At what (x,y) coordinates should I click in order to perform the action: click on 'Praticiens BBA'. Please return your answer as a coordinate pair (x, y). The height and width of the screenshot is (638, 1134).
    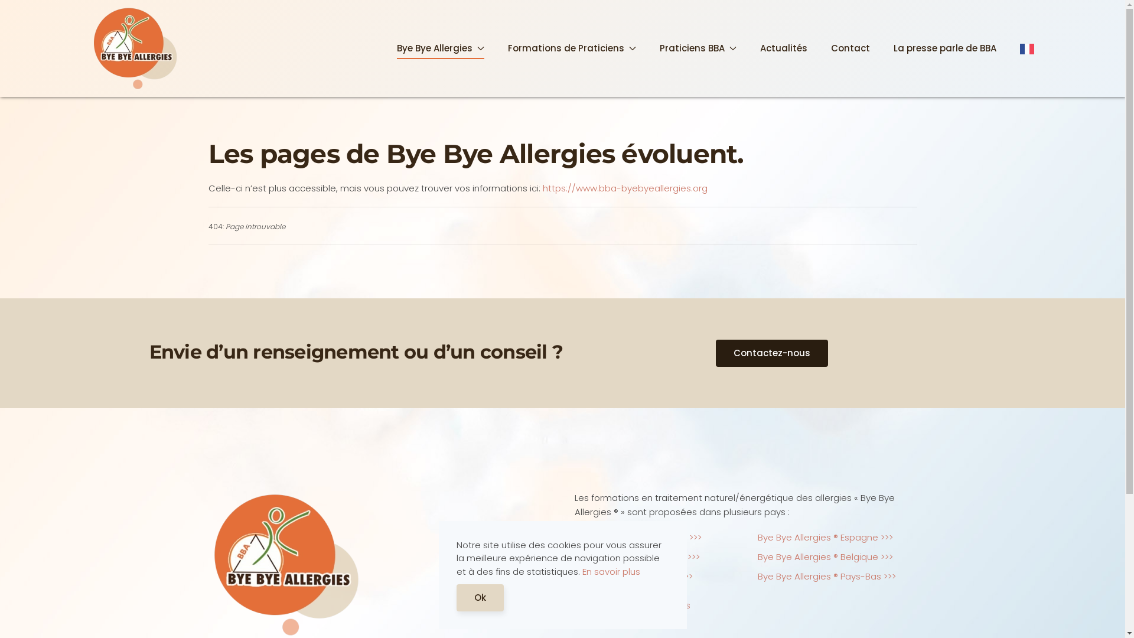
    Looking at the image, I should click on (698, 47).